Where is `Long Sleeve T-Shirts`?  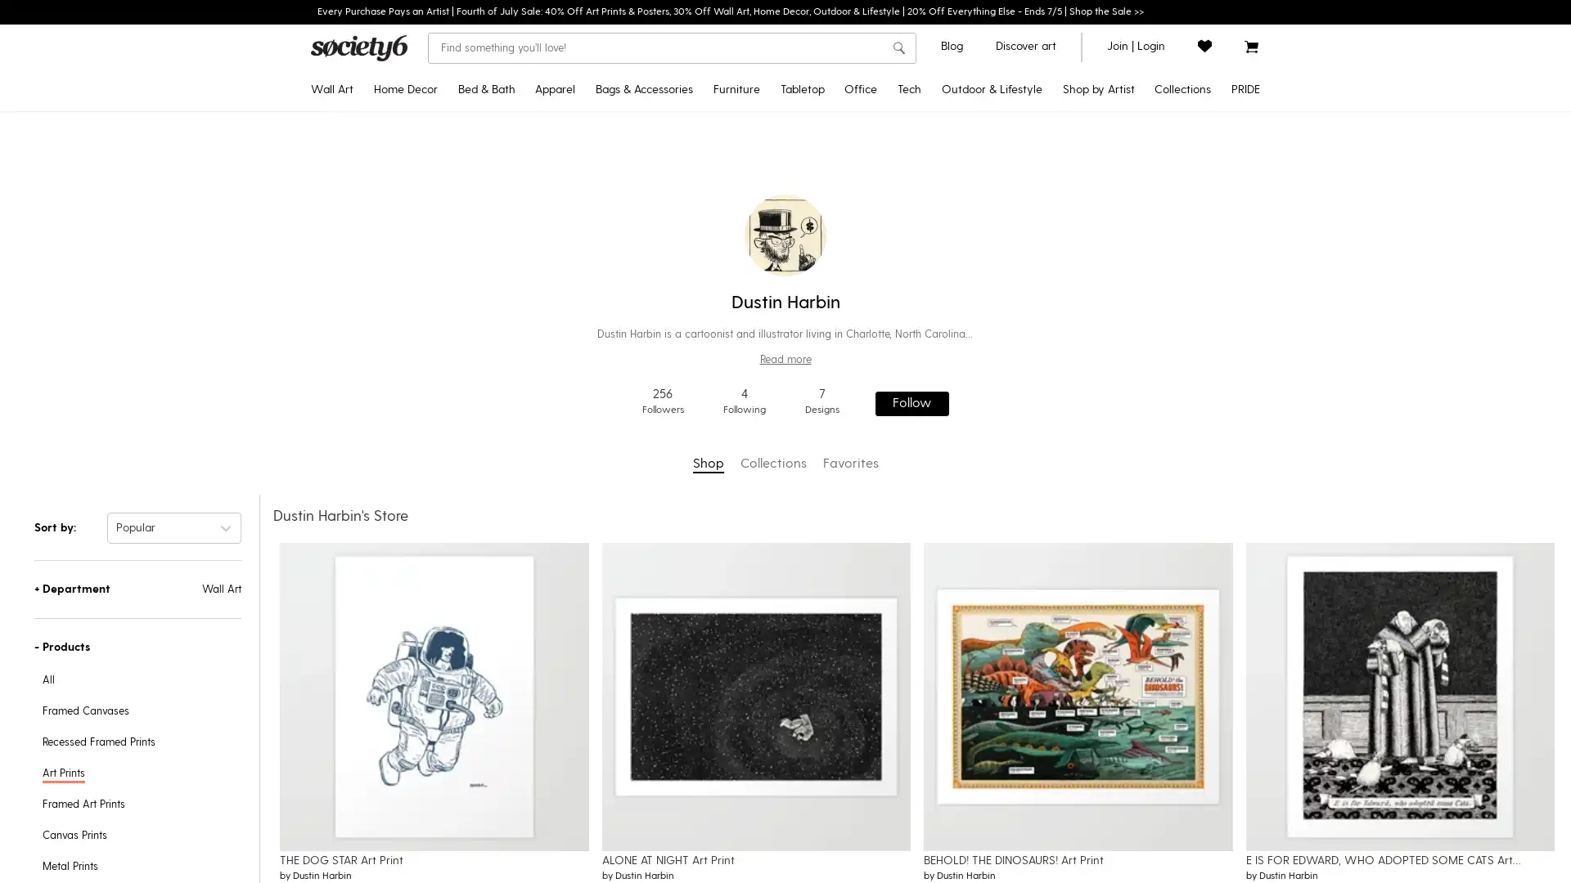
Long Sleeve T-Shirts is located at coordinates (606, 209).